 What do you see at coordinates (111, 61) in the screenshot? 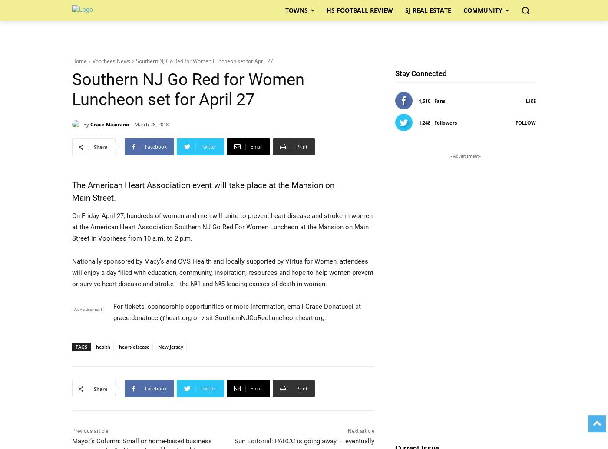
I see `'Voorhees News'` at bounding box center [111, 61].